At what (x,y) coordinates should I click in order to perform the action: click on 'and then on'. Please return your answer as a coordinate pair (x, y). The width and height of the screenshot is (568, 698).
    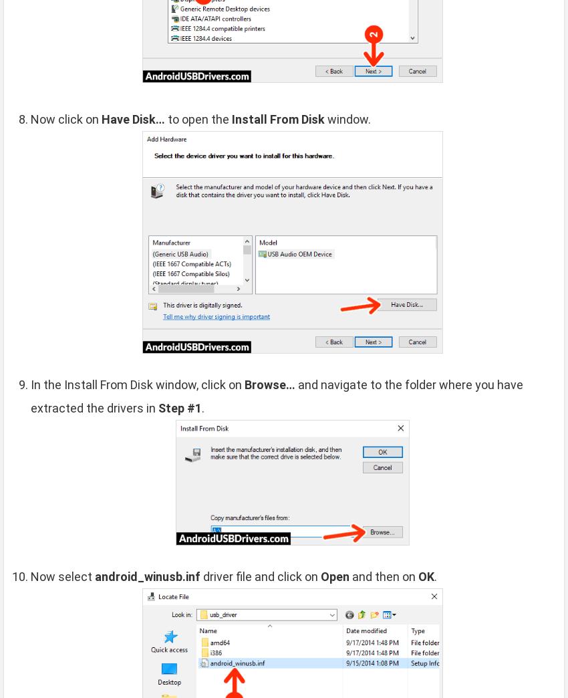
    Looking at the image, I should click on (384, 576).